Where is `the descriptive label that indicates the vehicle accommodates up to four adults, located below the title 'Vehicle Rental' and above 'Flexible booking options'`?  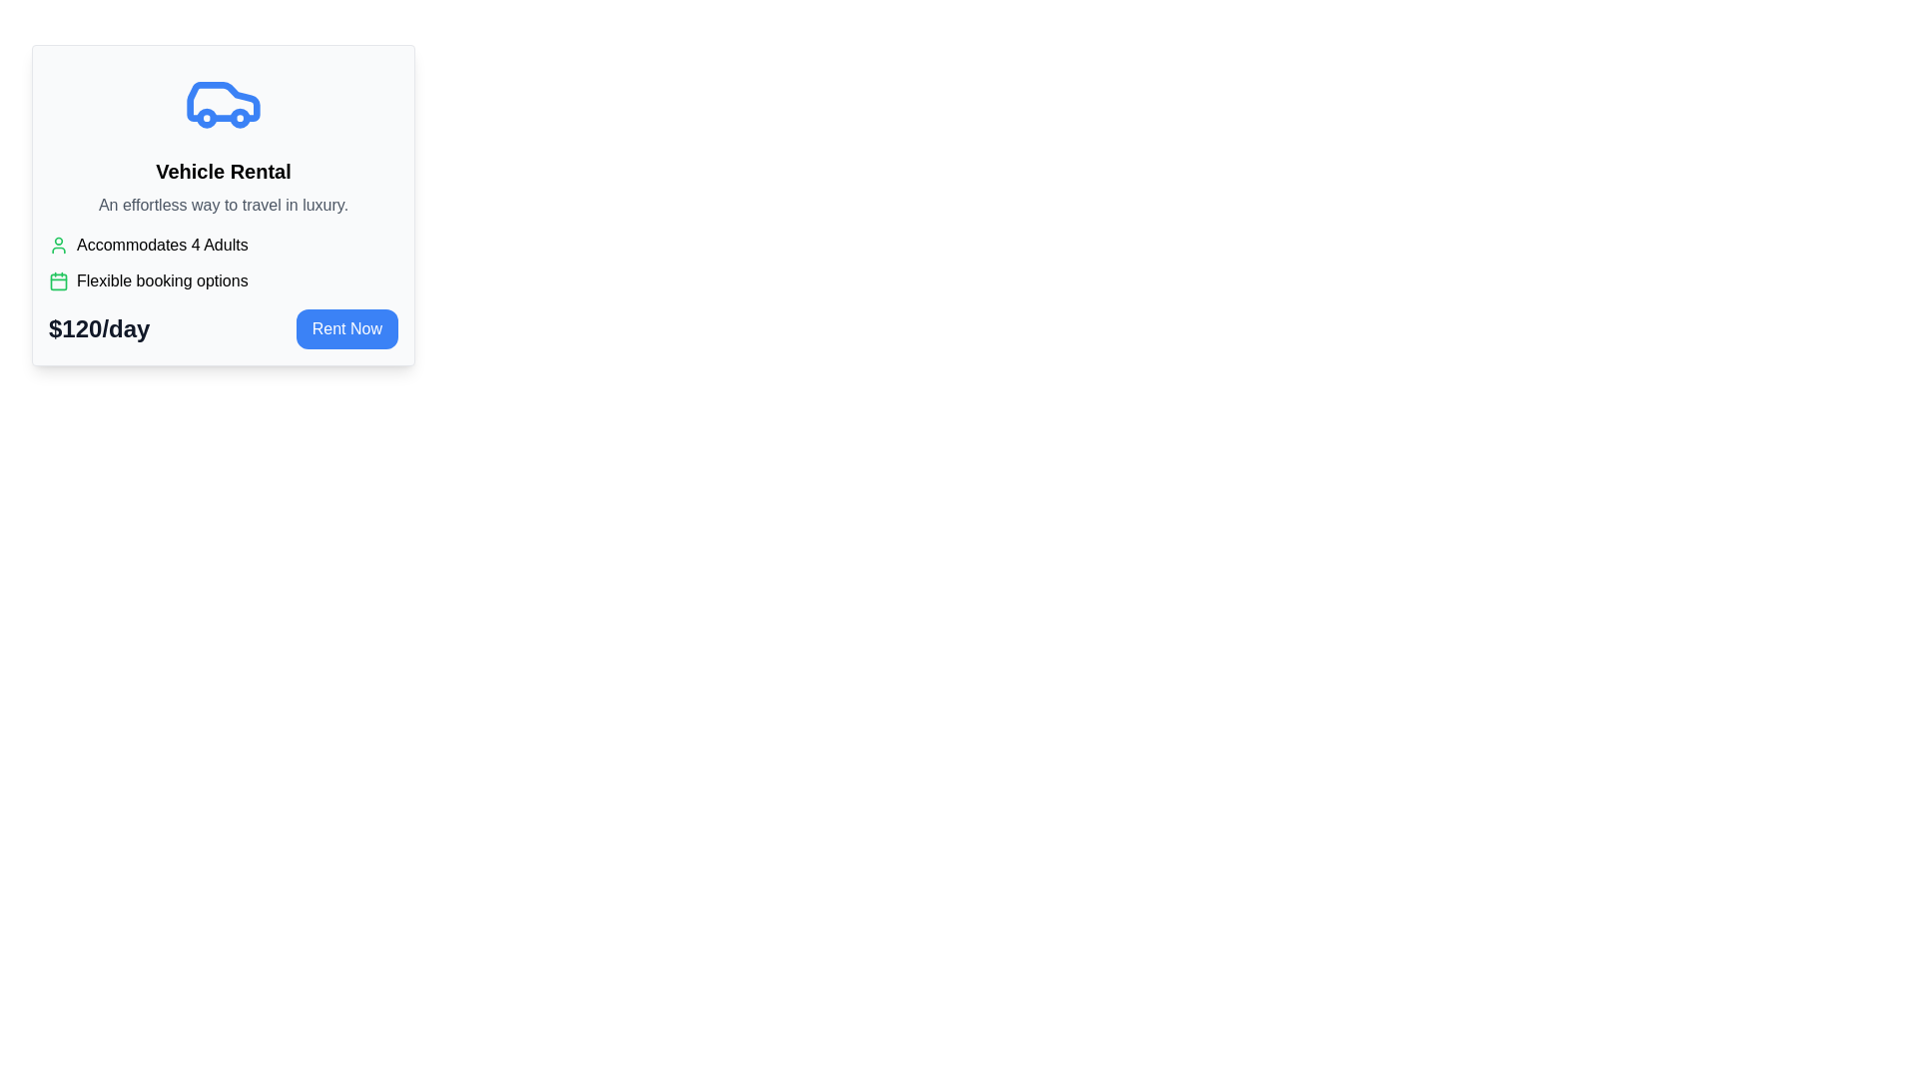
the descriptive label that indicates the vehicle accommodates up to four adults, located below the title 'Vehicle Rental' and above 'Flexible booking options' is located at coordinates (224, 245).